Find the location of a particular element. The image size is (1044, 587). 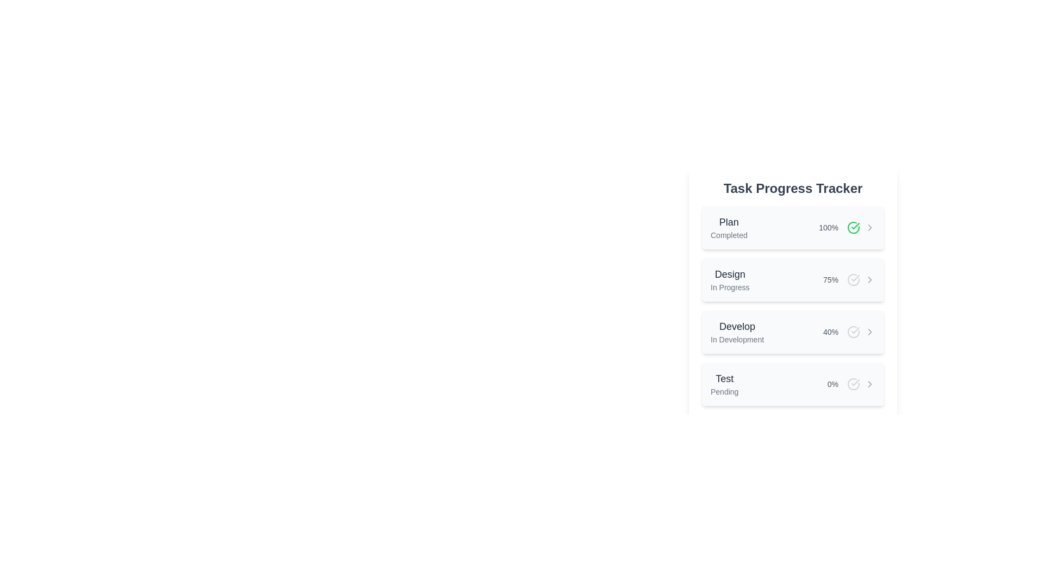

the progress percentage text displayed in gray font within the 'Design' progress tracker card, located to the left of the checkmark and arrow icons is located at coordinates (848, 279).